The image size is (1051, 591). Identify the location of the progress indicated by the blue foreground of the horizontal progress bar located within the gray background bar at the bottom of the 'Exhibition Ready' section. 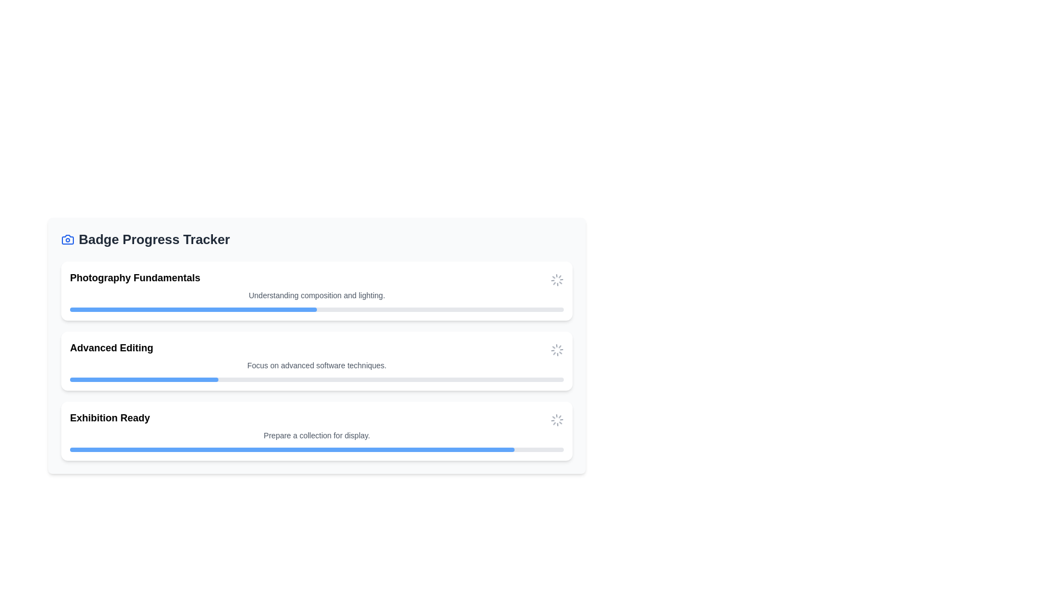
(292, 449).